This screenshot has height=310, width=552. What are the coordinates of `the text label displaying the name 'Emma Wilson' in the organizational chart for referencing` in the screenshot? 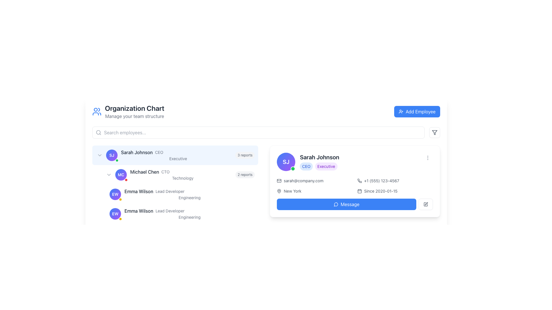 It's located at (139, 191).